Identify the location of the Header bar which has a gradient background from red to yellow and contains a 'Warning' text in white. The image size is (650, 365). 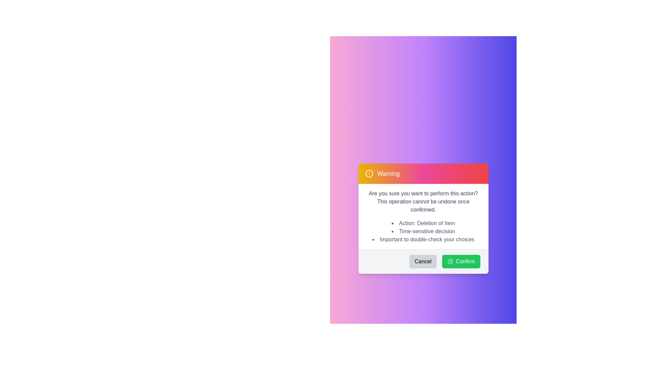
(423, 173).